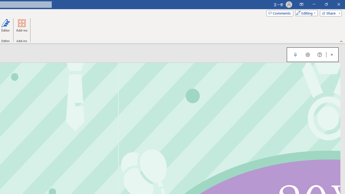  I want to click on 'Editor', so click(6, 28).